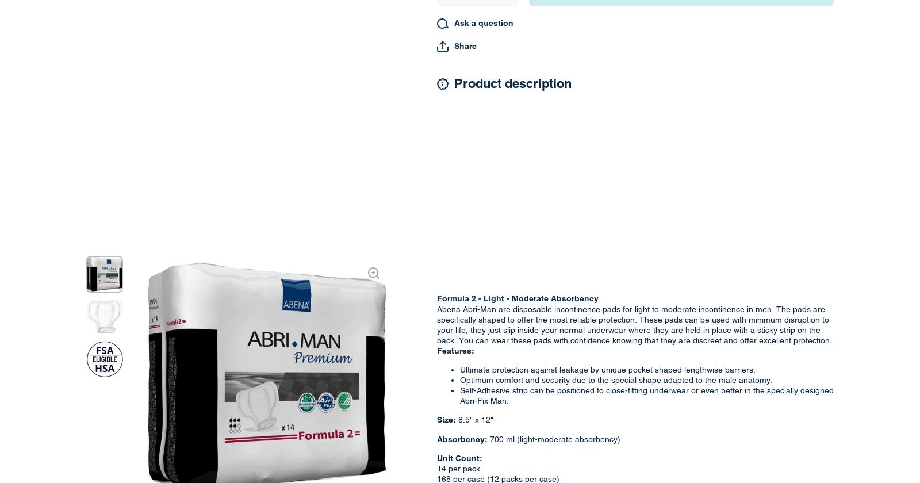 This screenshot has height=483, width=920. What do you see at coordinates (252, 202) in the screenshot?
I see `'Company'` at bounding box center [252, 202].